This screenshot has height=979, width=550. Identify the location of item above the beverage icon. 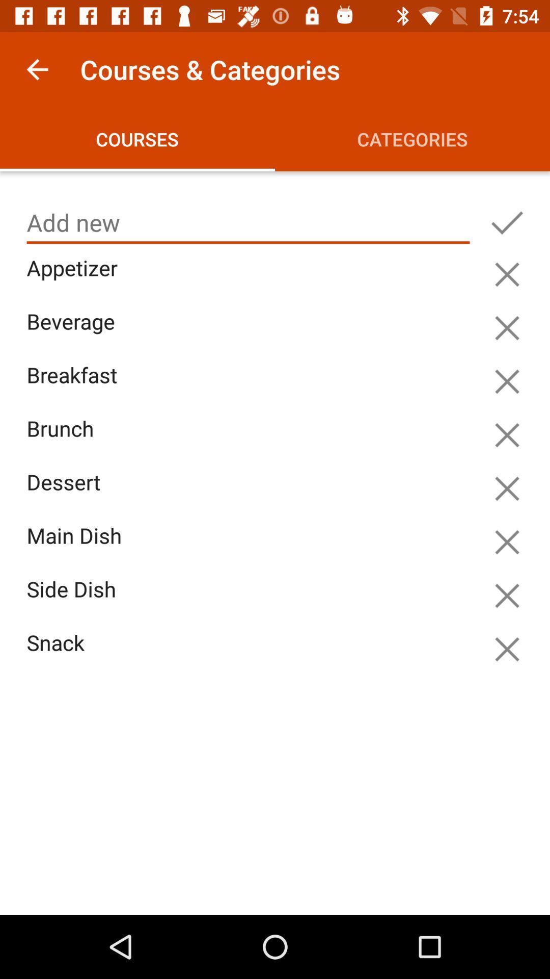
(251, 279).